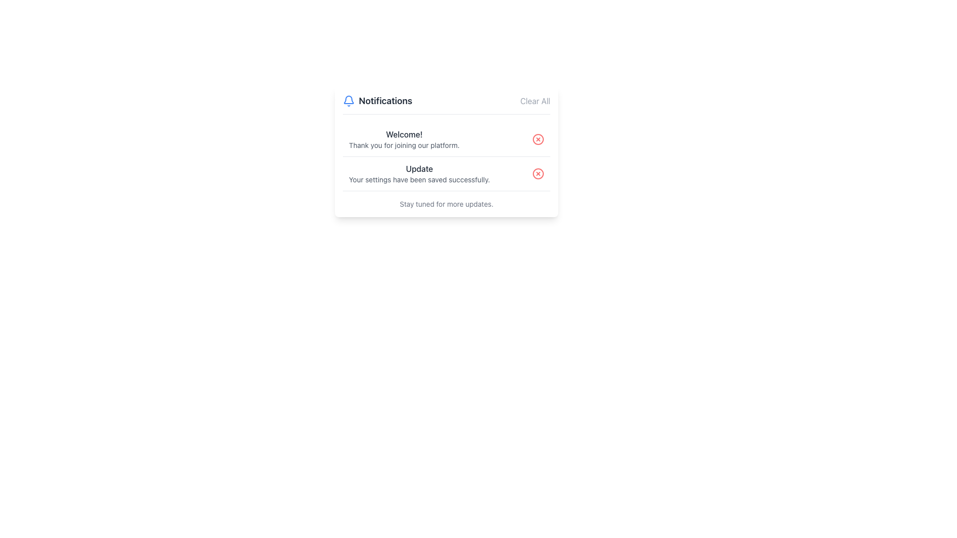 This screenshot has width=957, height=538. I want to click on the 'Clear All Notifications' button located in the top-right corner of the interface, so click(534, 101).